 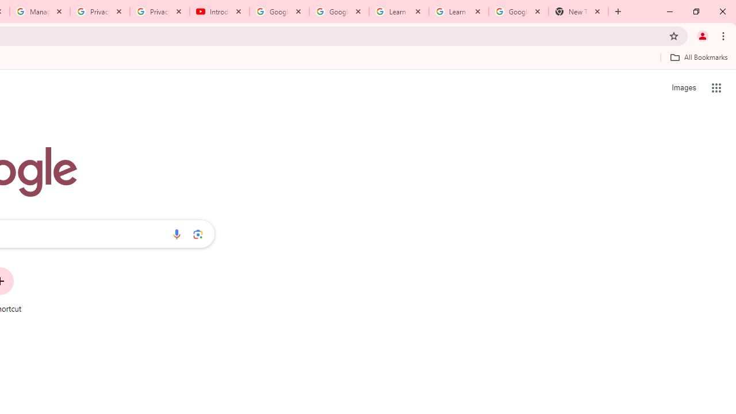 I want to click on 'Introduction | Google Privacy Policy - YouTube', so click(x=220, y=11).